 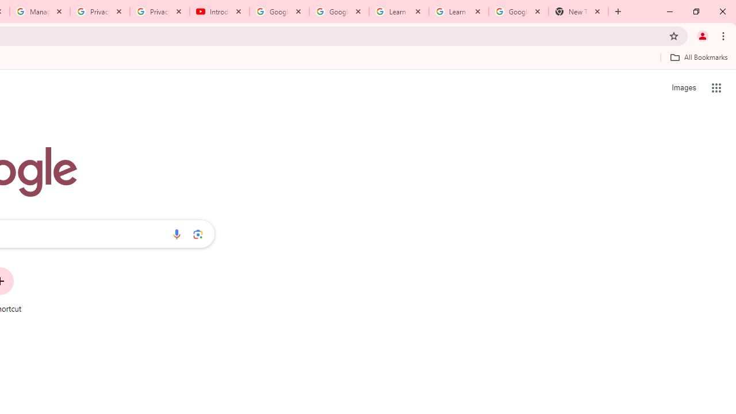 I want to click on 'Introduction | Google Privacy Policy - YouTube', so click(x=220, y=11).